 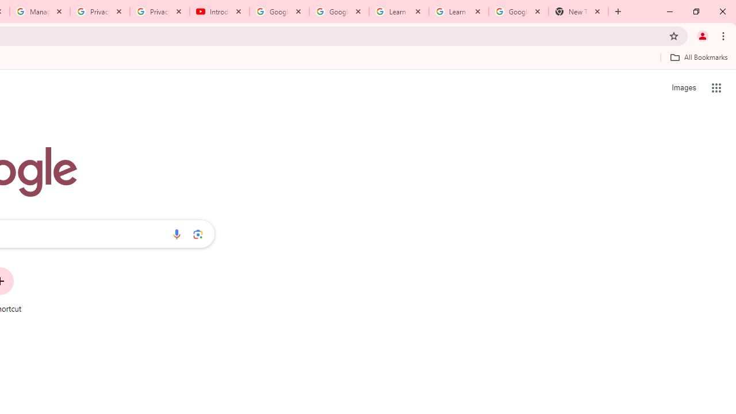 I want to click on 'Introduction | Google Privacy Policy - YouTube', so click(x=220, y=11).